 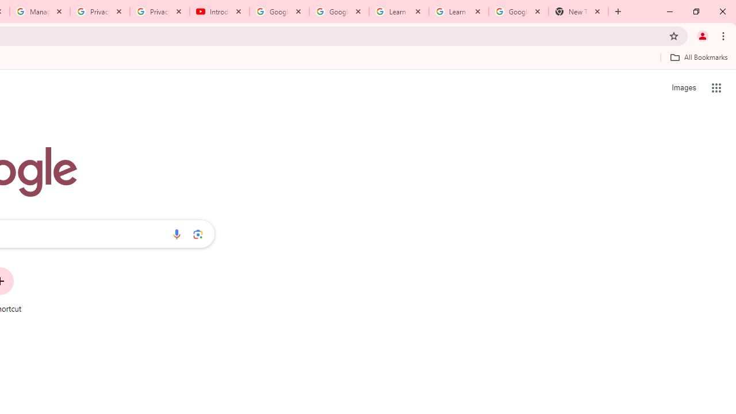 I want to click on 'Introduction | Google Privacy Policy - YouTube', so click(x=220, y=11).